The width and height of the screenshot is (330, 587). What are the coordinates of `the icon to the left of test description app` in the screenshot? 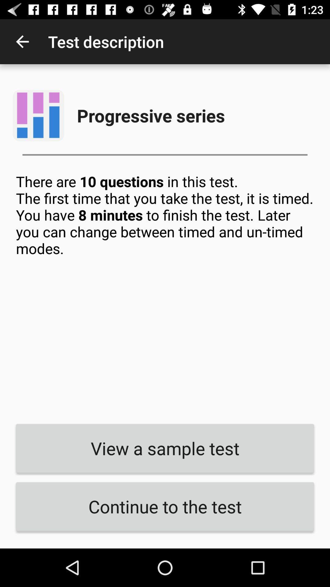 It's located at (22, 41).